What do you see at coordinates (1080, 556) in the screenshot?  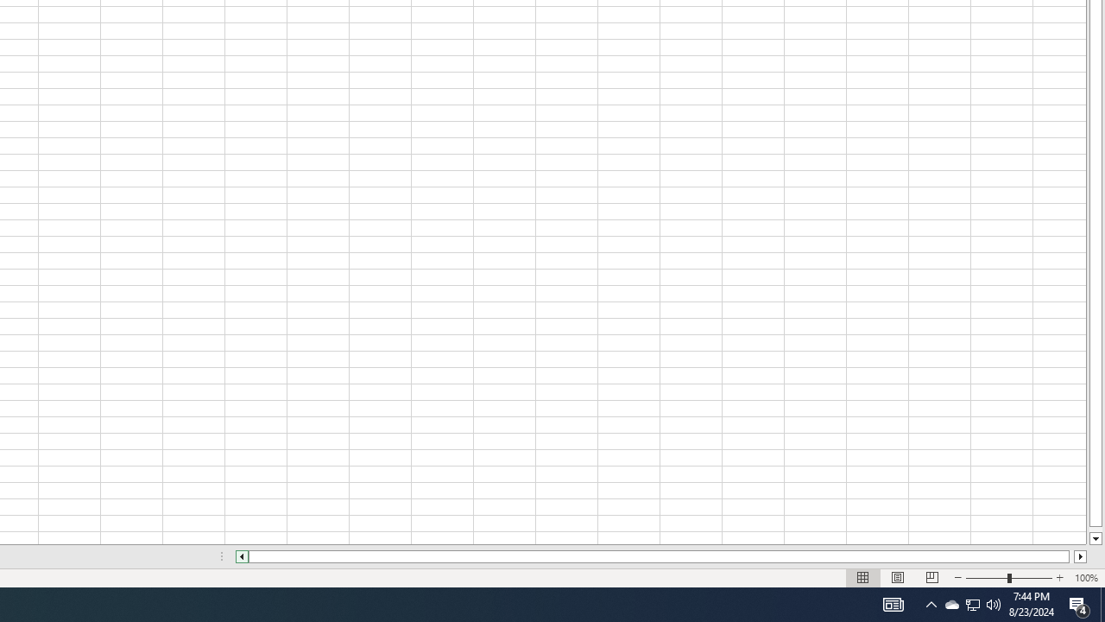 I see `'Column right'` at bounding box center [1080, 556].